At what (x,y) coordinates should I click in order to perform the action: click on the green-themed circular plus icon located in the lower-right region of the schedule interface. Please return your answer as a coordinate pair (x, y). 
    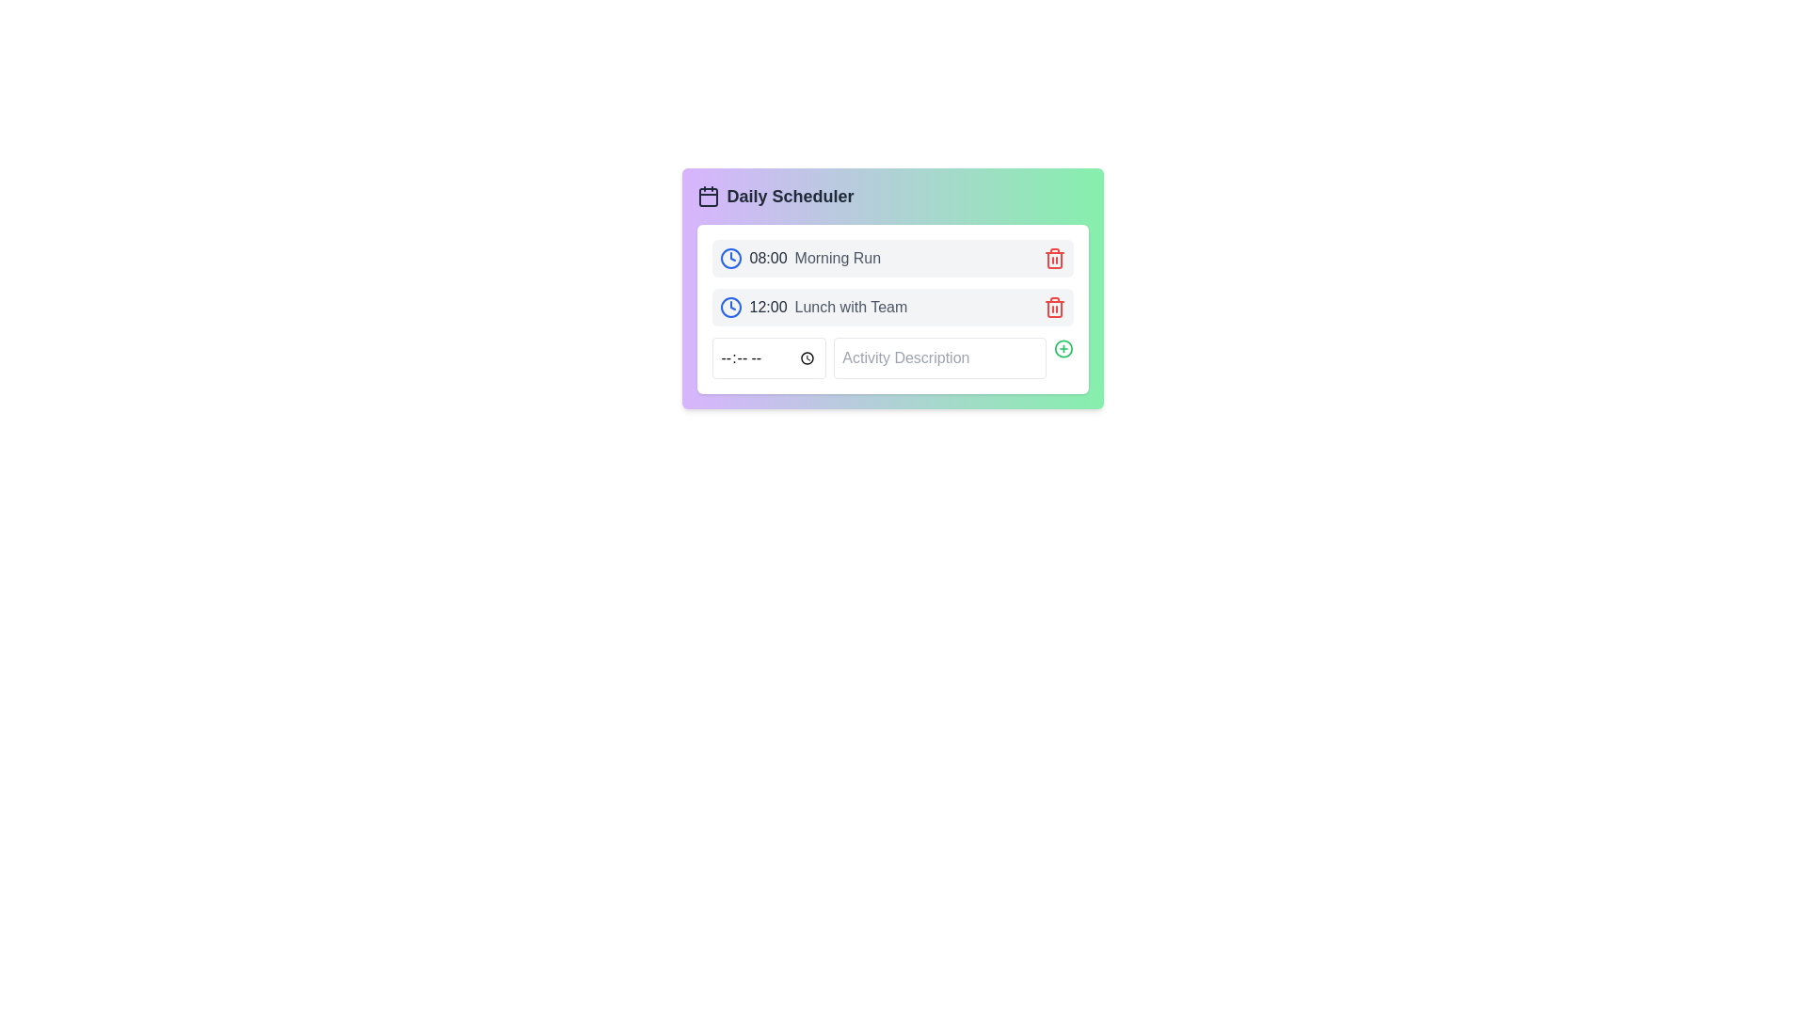
    Looking at the image, I should click on (1063, 348).